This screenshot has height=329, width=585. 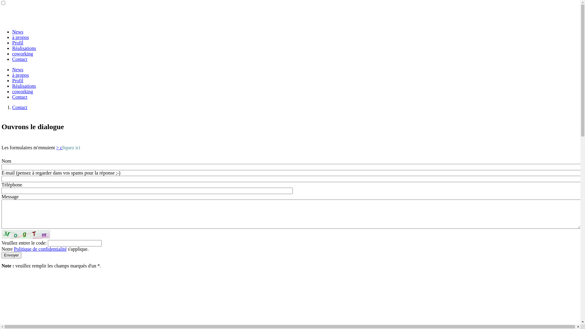 I want to click on 'Envoyer', so click(x=11, y=255).